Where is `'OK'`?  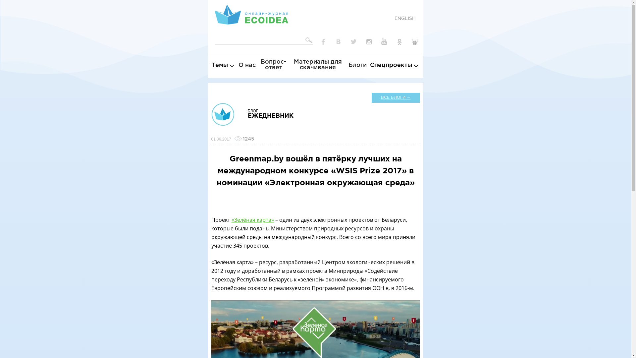
'OK' is located at coordinates (399, 42).